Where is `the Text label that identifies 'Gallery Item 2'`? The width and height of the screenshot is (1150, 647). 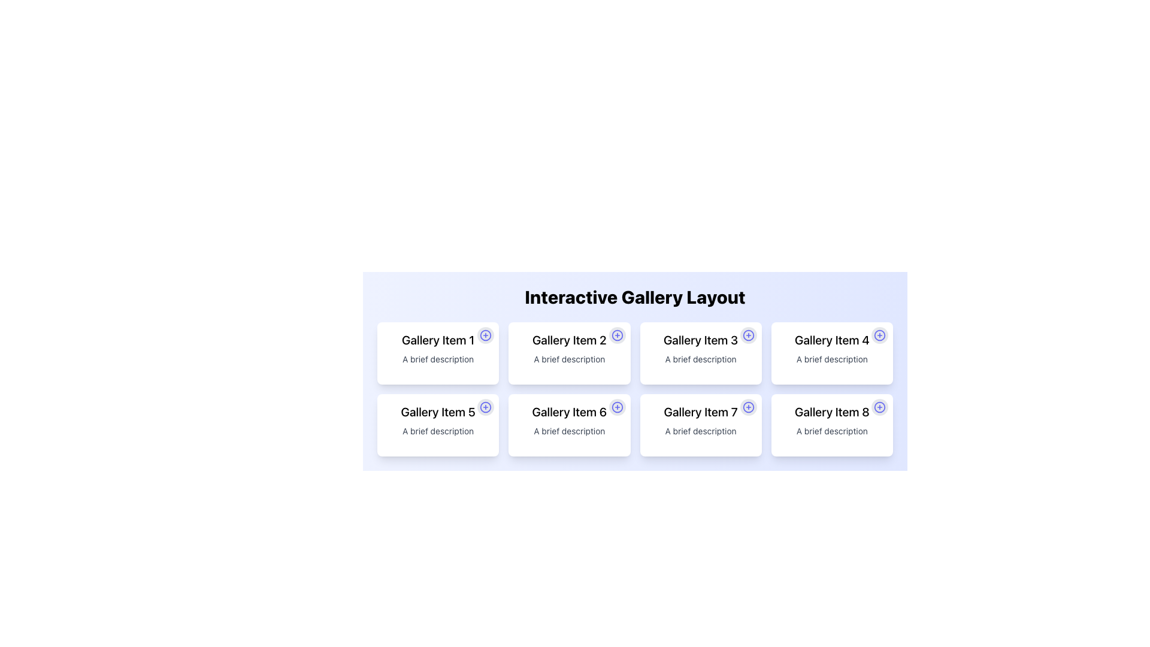
the Text label that identifies 'Gallery Item 2' is located at coordinates (568, 340).